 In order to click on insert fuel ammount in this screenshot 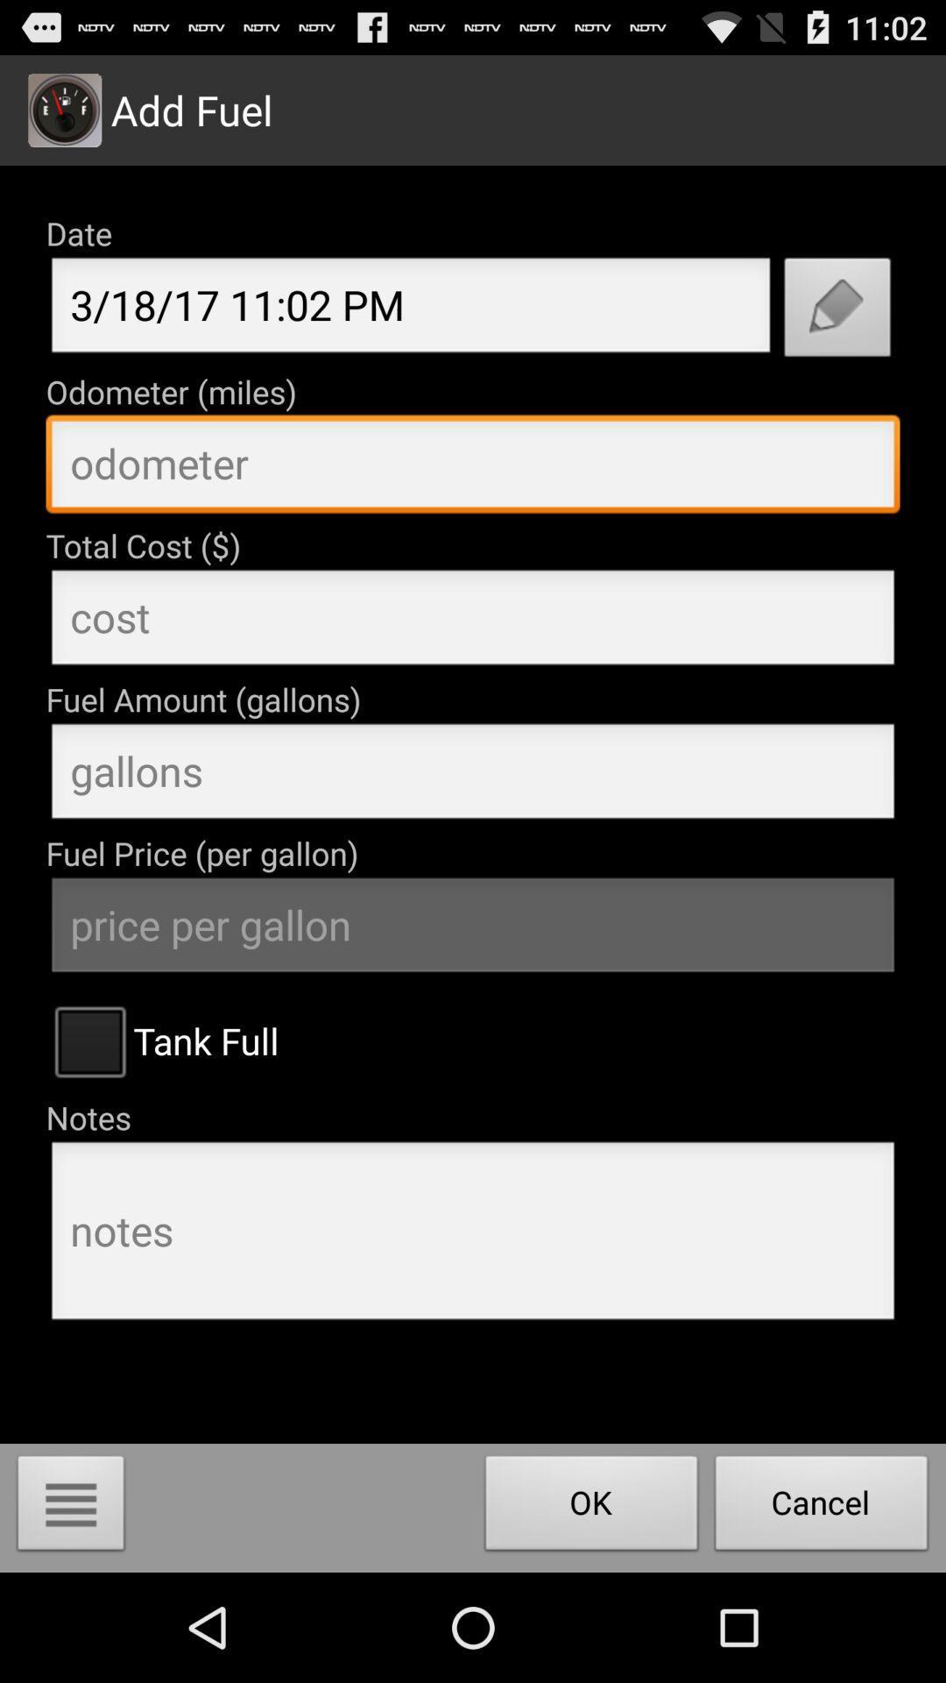, I will do `click(473, 775)`.